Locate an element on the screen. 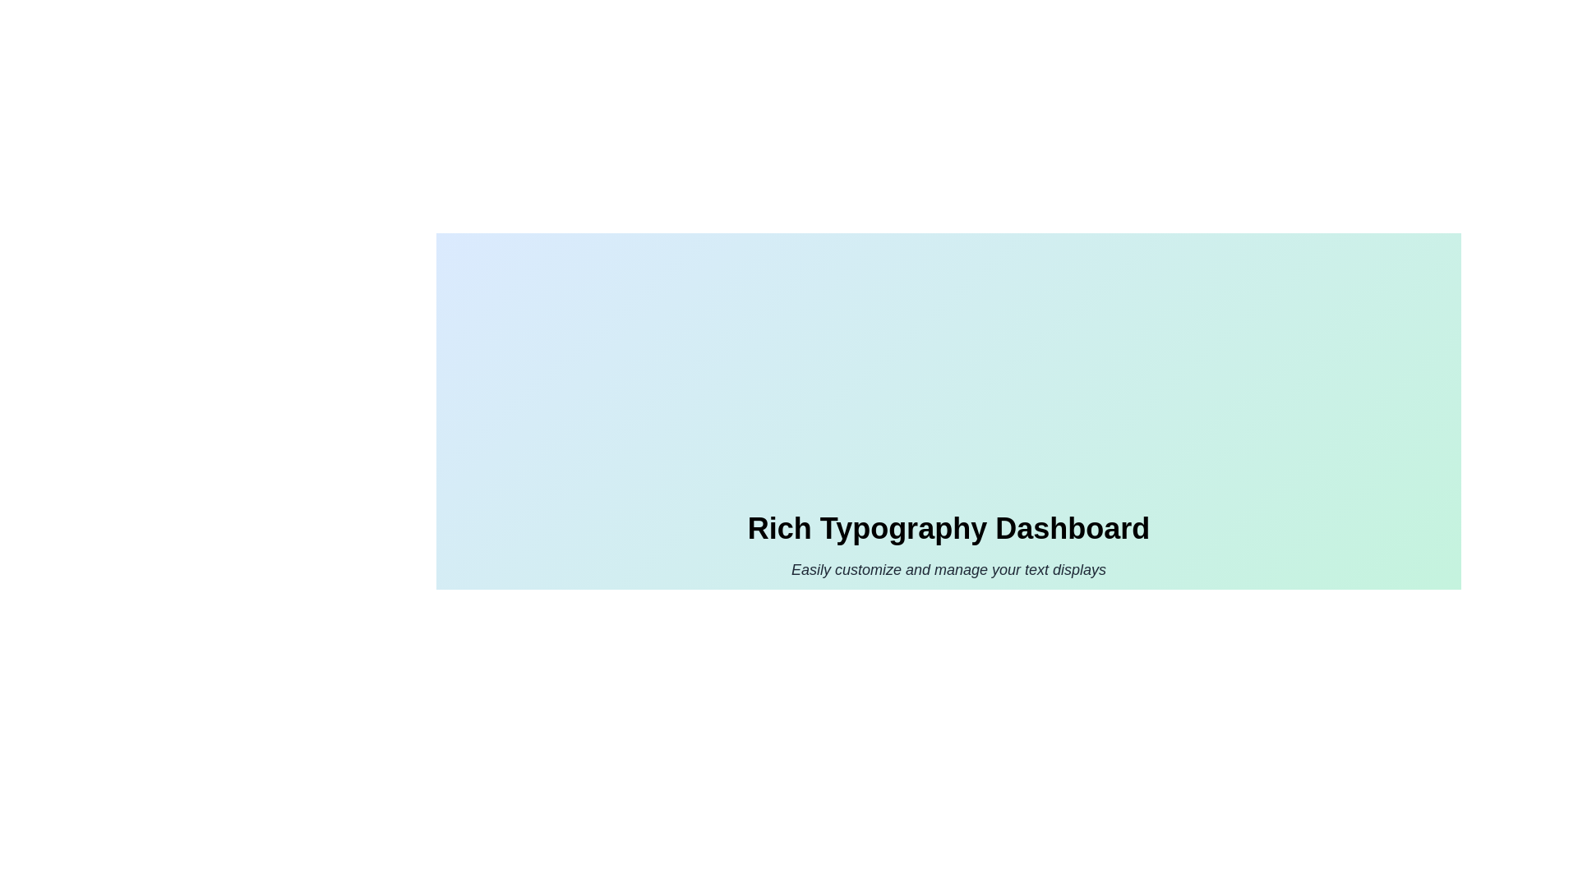 The height and width of the screenshot is (887, 1578). the text-based informational component displaying 'Rich Typography Dashboard' and its subtitle, which is centered on a gradient background is located at coordinates (948, 547).